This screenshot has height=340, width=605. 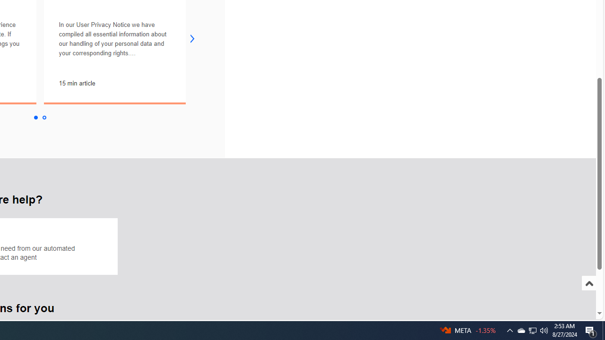 What do you see at coordinates (44, 117) in the screenshot?
I see `'Slide 2 '` at bounding box center [44, 117].